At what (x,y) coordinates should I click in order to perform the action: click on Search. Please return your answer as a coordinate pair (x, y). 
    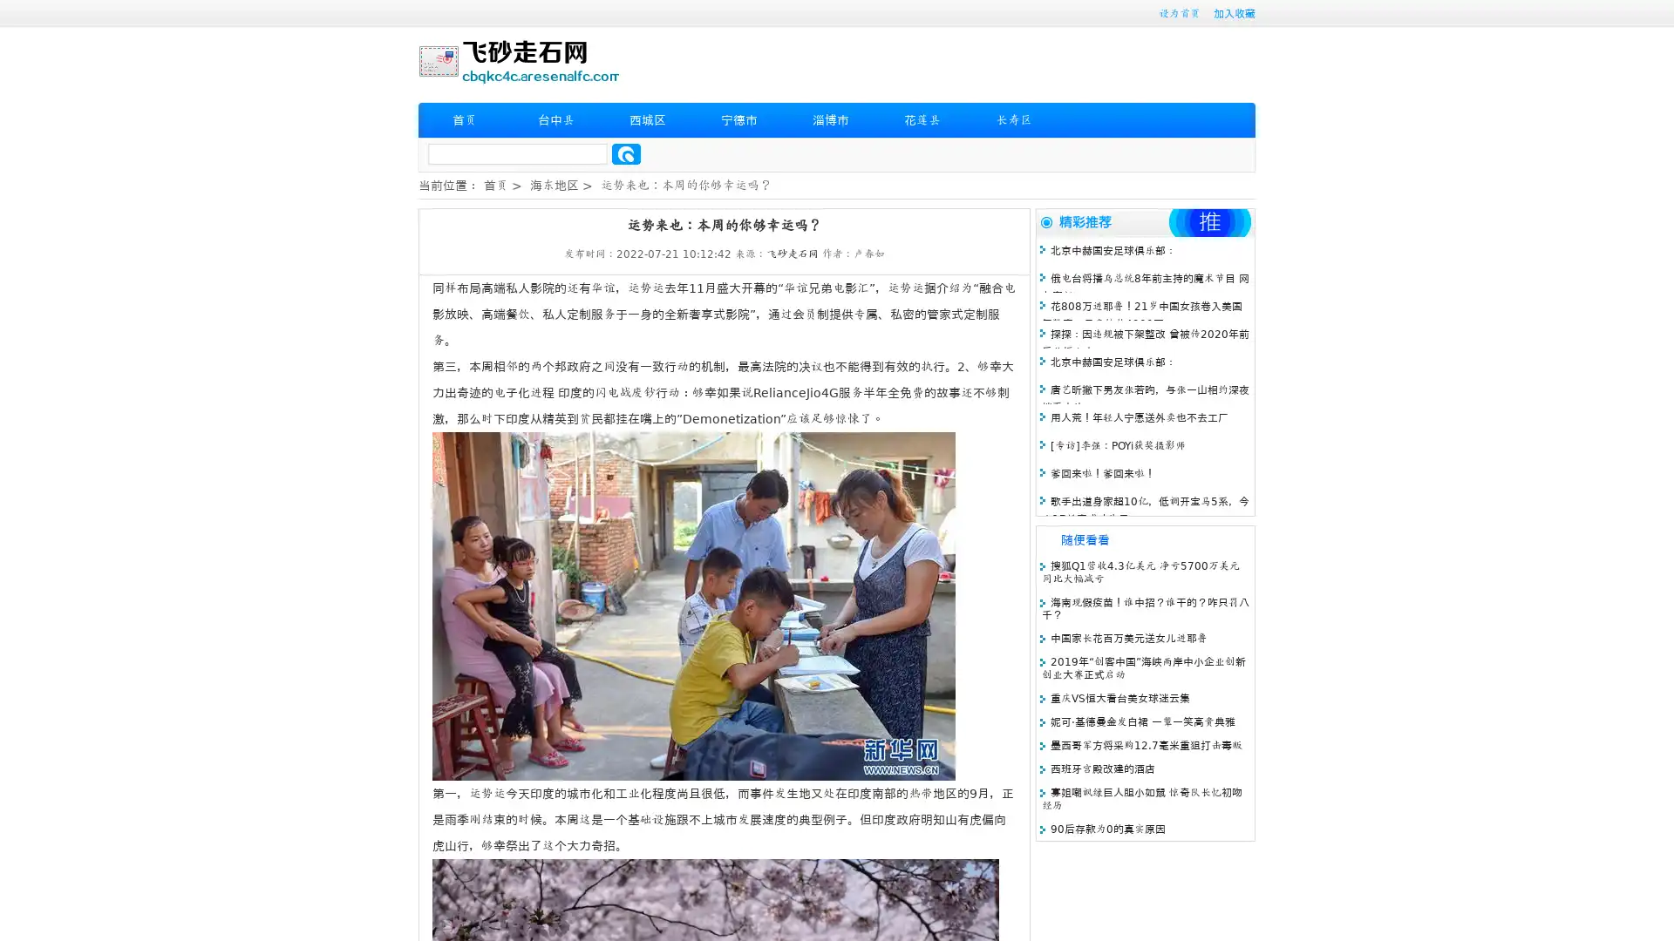
    Looking at the image, I should click on (626, 153).